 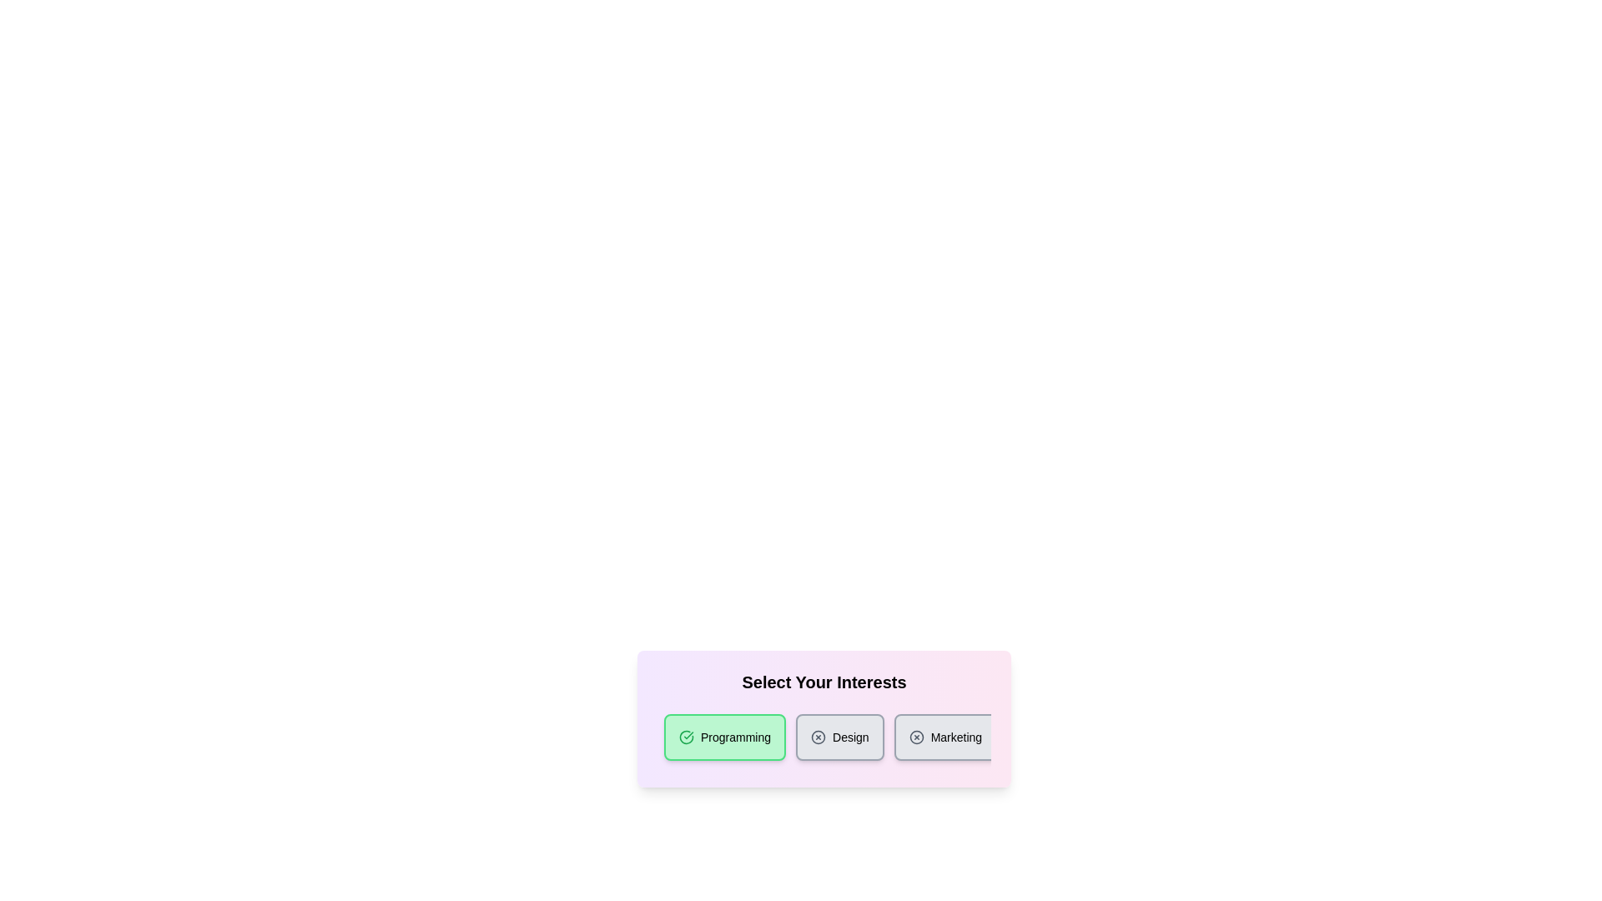 I want to click on the category chip labeled Design, so click(x=840, y=736).